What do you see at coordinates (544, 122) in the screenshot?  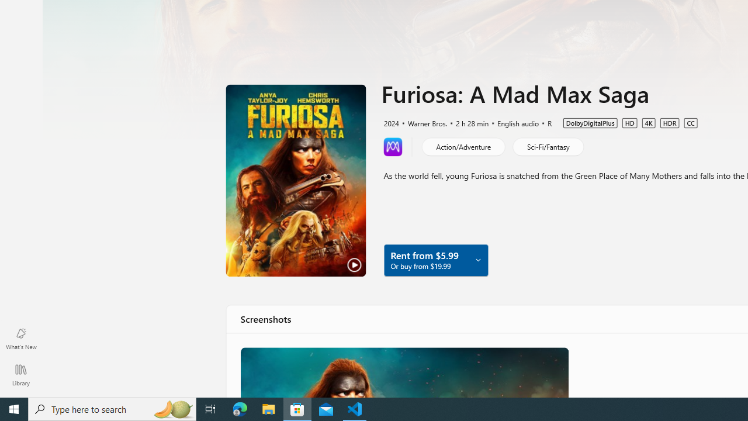 I see `'R'` at bounding box center [544, 122].